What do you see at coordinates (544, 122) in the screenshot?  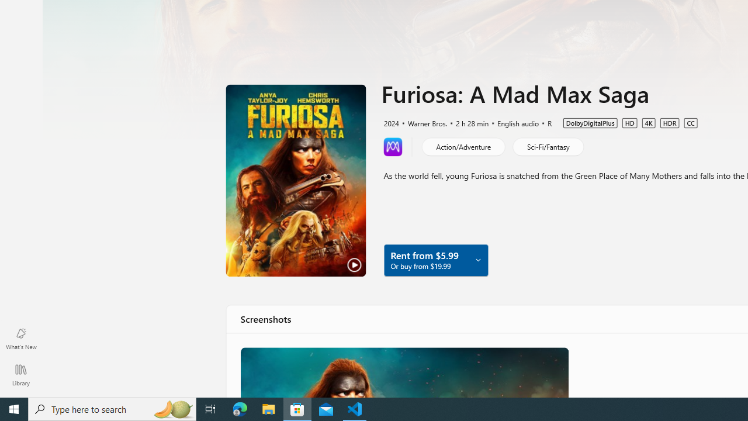 I see `'R'` at bounding box center [544, 122].